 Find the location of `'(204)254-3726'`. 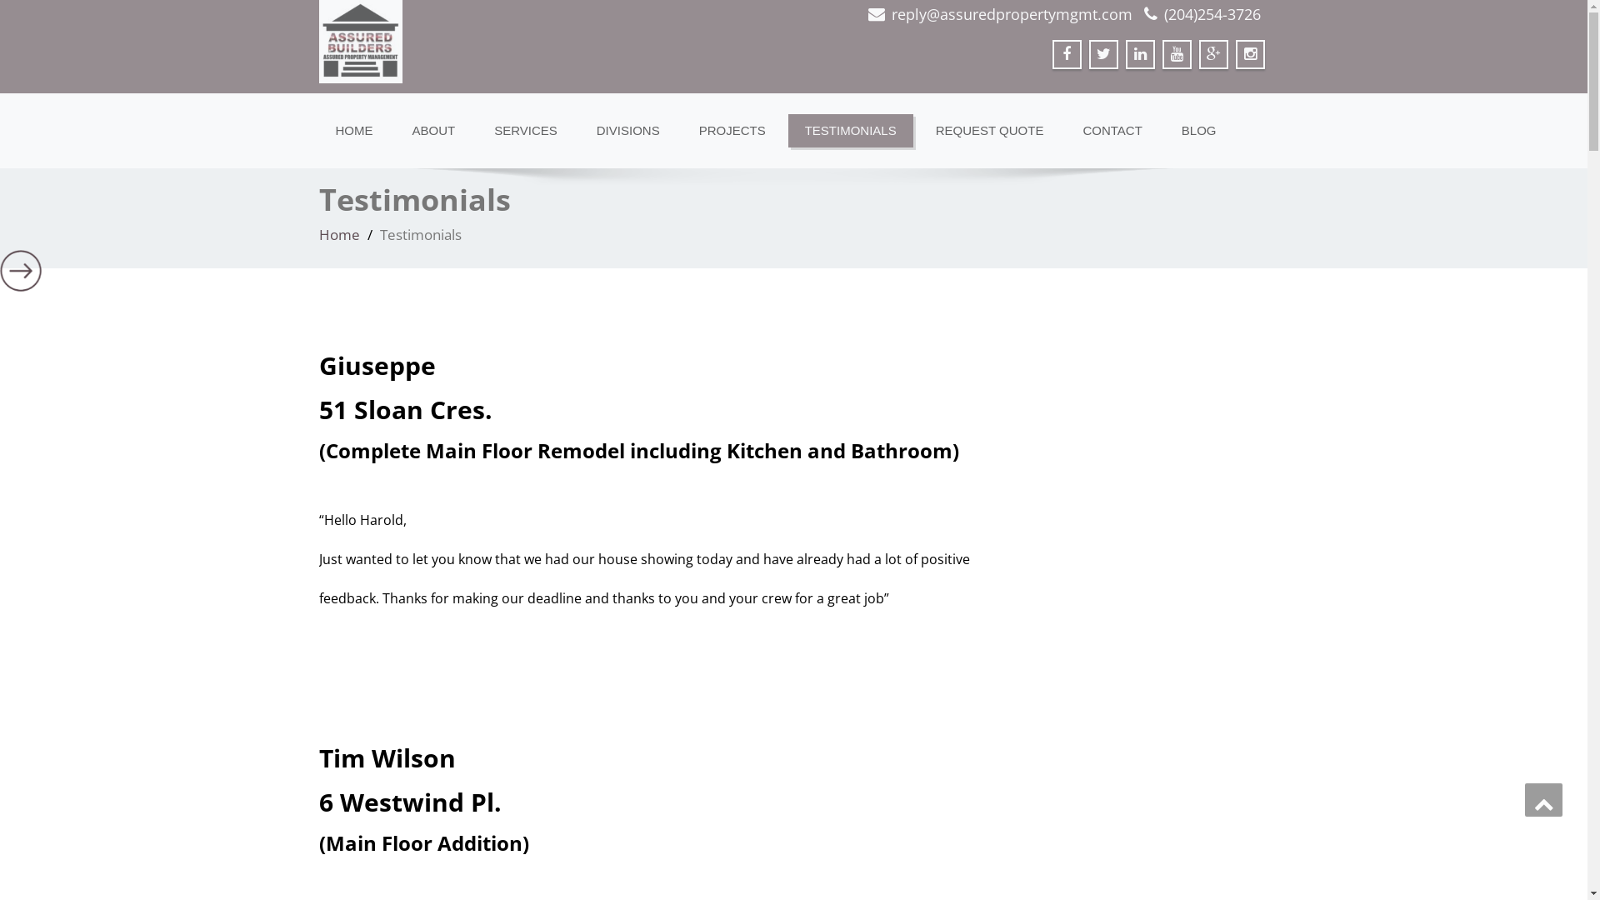

'(204)254-3726' is located at coordinates (1212, 13).